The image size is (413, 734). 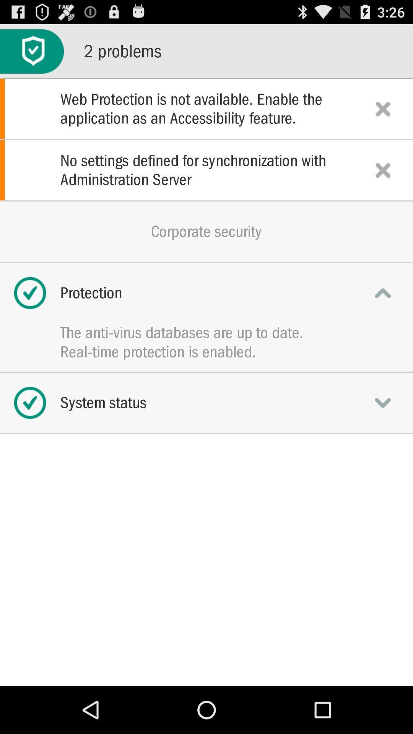 I want to click on the app below the anti virus icon, so click(x=206, y=351).